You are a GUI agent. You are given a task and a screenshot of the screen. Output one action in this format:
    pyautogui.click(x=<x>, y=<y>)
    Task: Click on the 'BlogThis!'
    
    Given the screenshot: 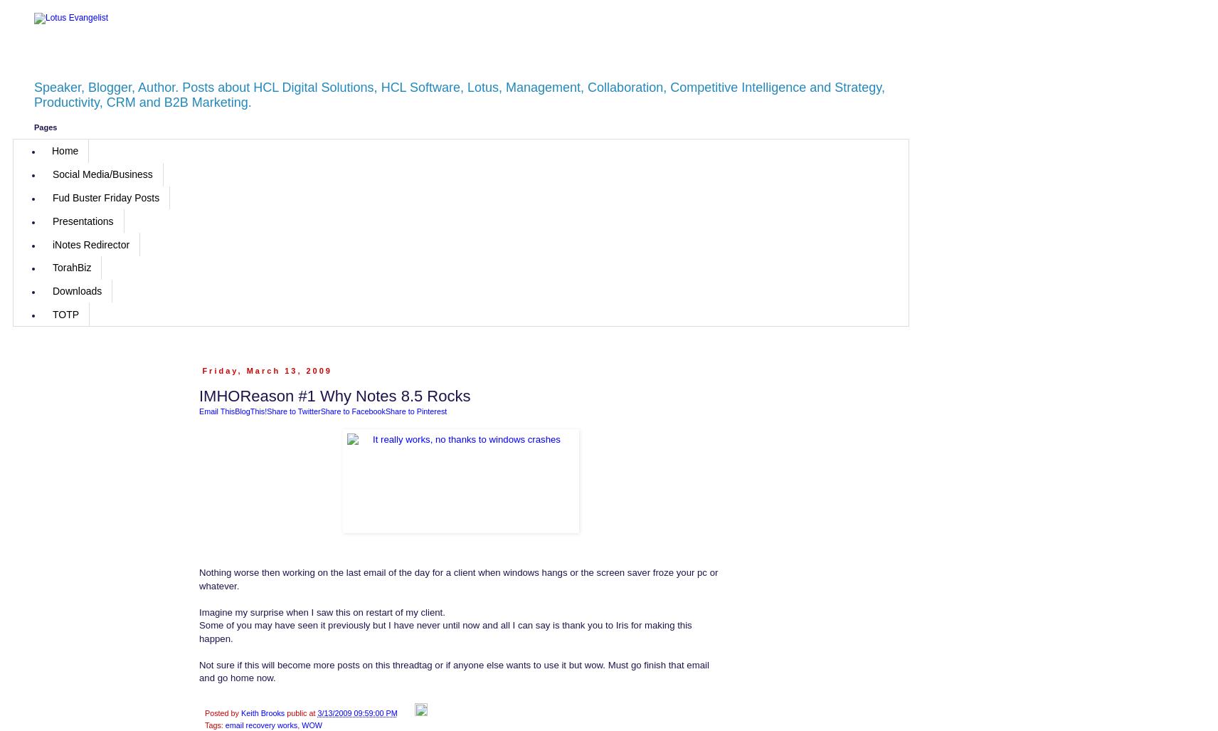 What is the action you would take?
    pyautogui.click(x=235, y=410)
    